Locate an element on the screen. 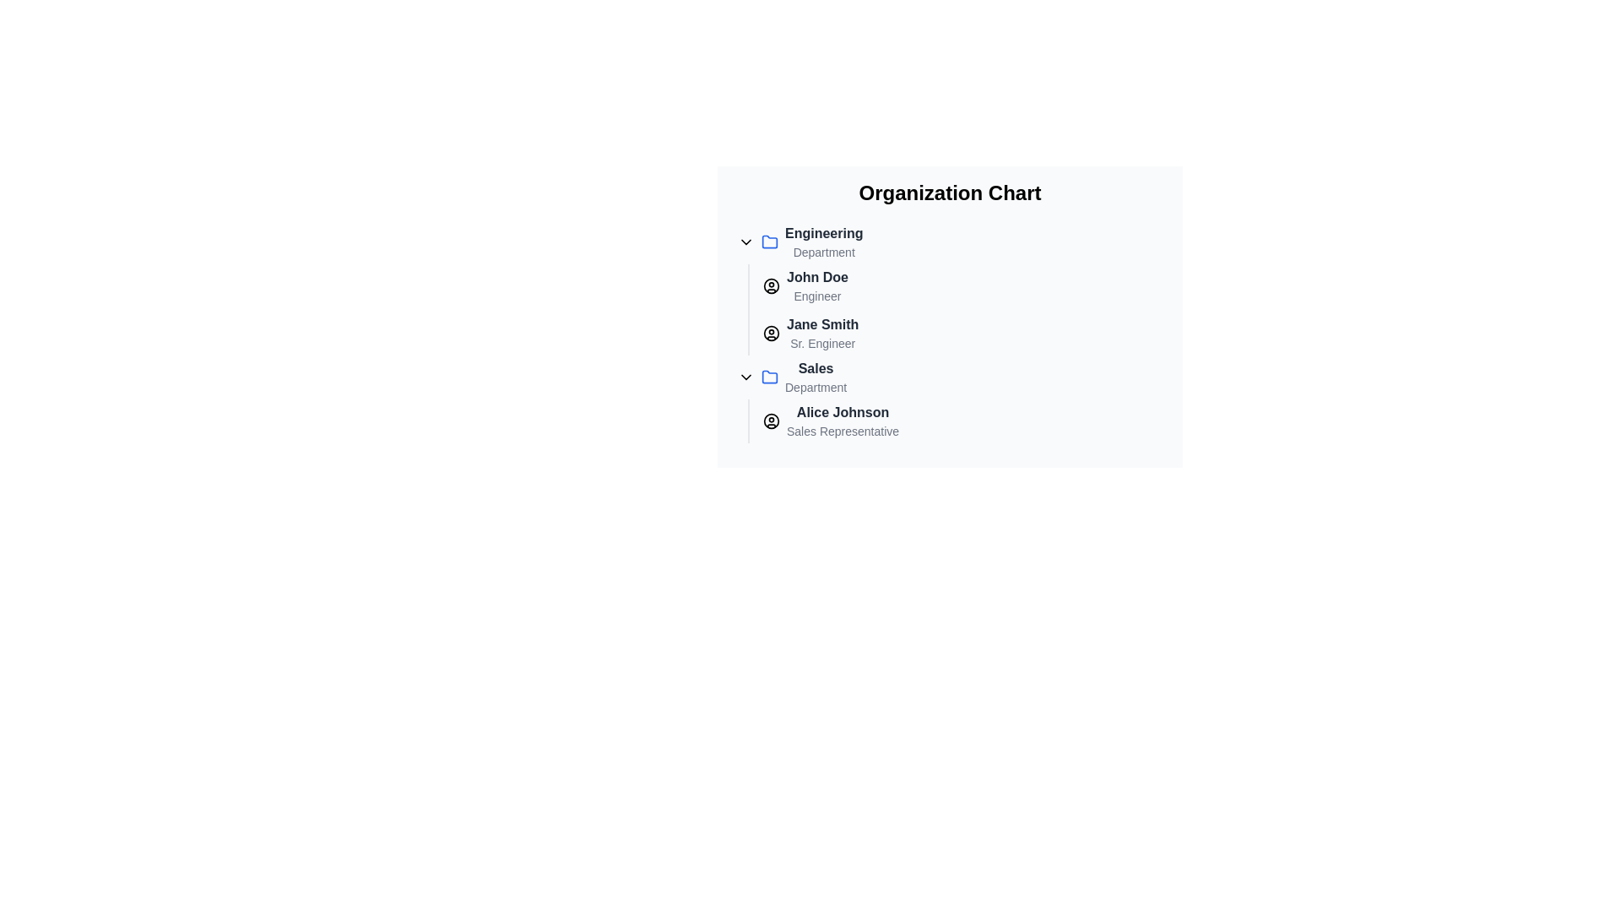  the List item for 'Jane Smith', which displays her name in bold with the title 'Sr. Engineer' beneath it is located at coordinates (962, 333).